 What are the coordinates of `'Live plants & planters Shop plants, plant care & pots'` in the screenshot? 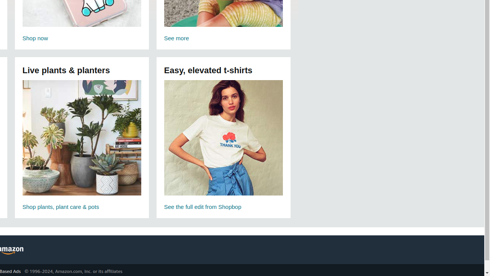 It's located at (82, 146).